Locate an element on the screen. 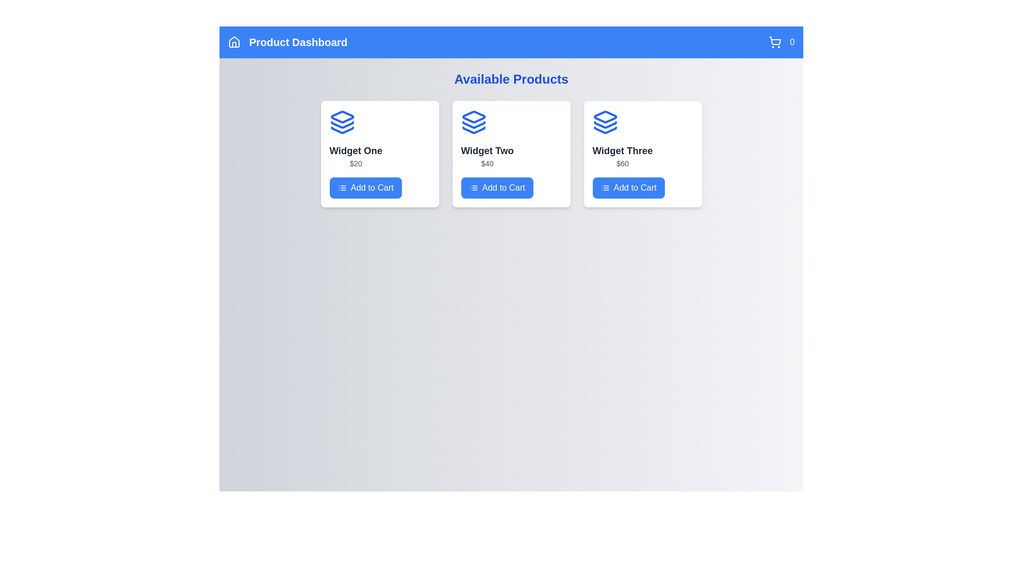 Image resolution: width=1018 pixels, height=572 pixels. the button located at the bottom of the 'Widget Three' card is located at coordinates (628, 187).